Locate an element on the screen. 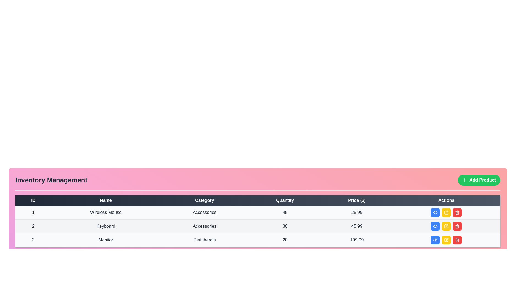  the middle edit button in the 'Actions' column of the table in the third row for the 'Monitor' entry to initiate an edit action is located at coordinates (447, 226).